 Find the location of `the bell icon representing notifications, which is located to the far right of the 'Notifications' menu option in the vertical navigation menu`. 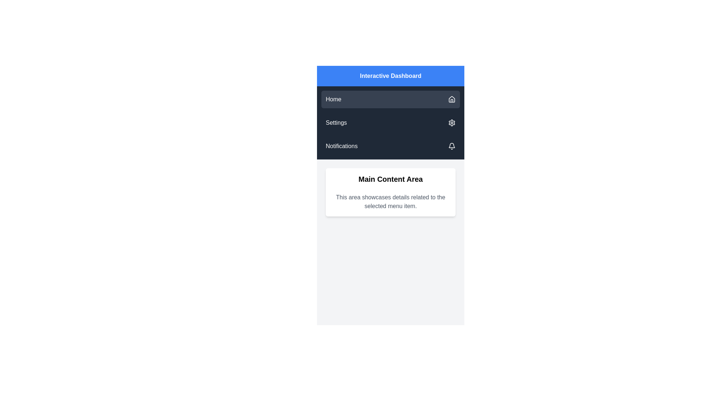

the bell icon representing notifications, which is located to the far right of the 'Notifications' menu option in the vertical navigation menu is located at coordinates (452, 146).